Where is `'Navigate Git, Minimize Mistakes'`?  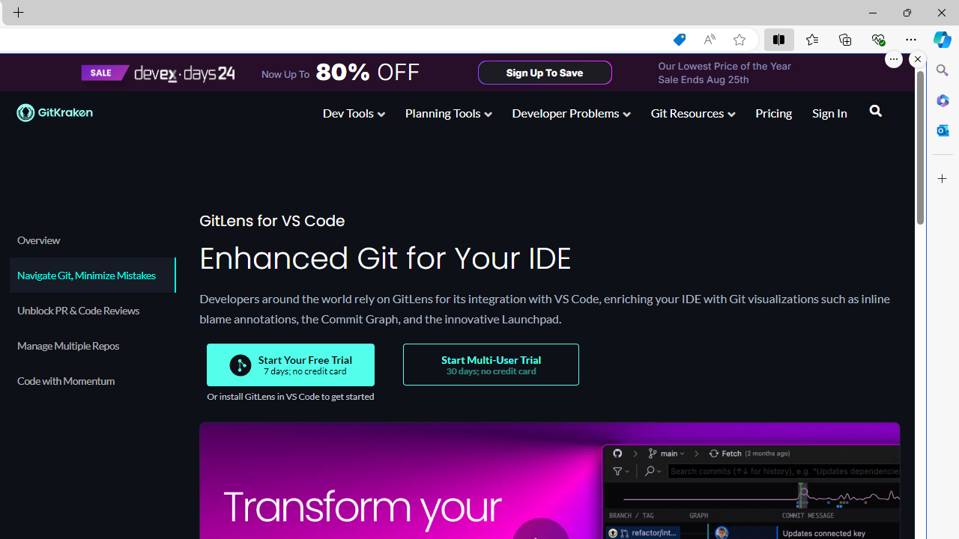
'Navigate Git, Minimize Mistakes' is located at coordinates (92, 275).